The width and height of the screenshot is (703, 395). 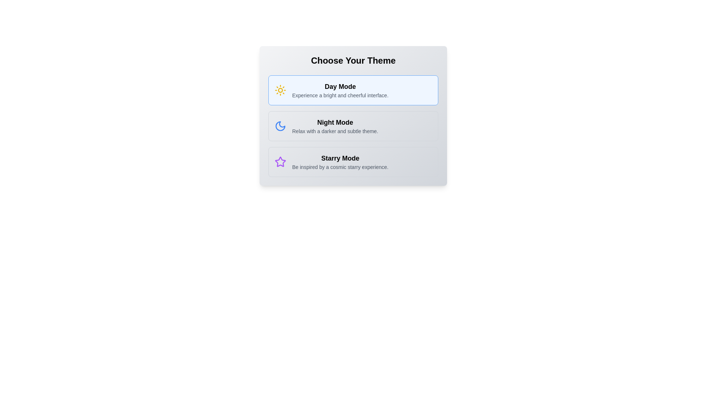 What do you see at coordinates (353, 60) in the screenshot?
I see `the static text heading that reads 'Choose Your Theme', which is bold and centrally aligned at the top of a card-like section` at bounding box center [353, 60].